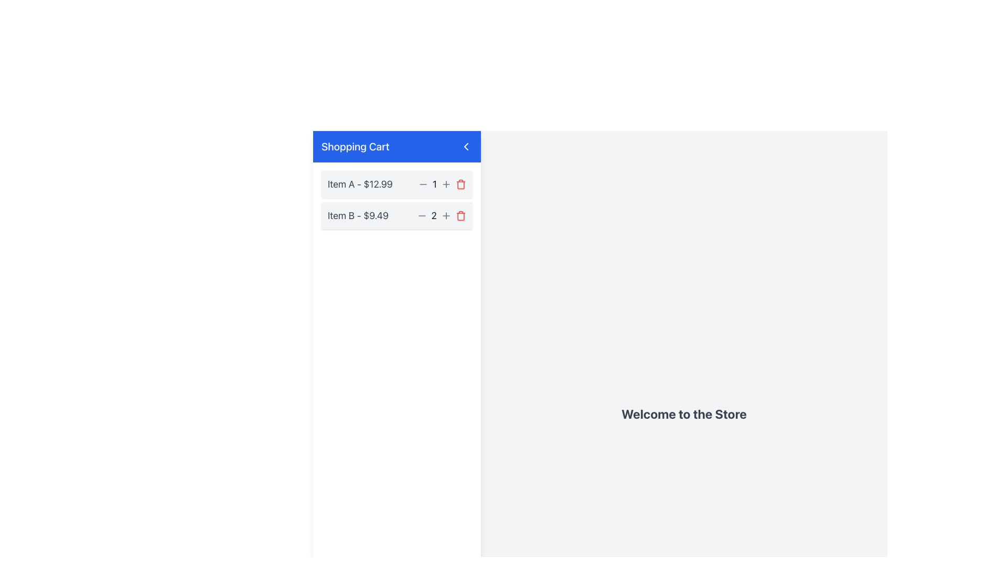  I want to click on the delete button located at the end of the line containing item quantity and controls, so click(460, 215).